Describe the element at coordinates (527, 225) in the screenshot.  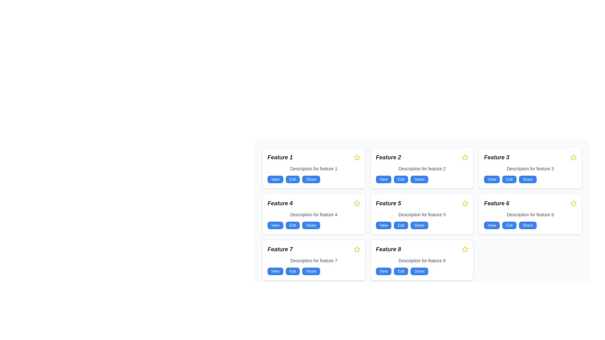
I see `the third button in the action group below the card labeled 'Feature 6'` at that location.